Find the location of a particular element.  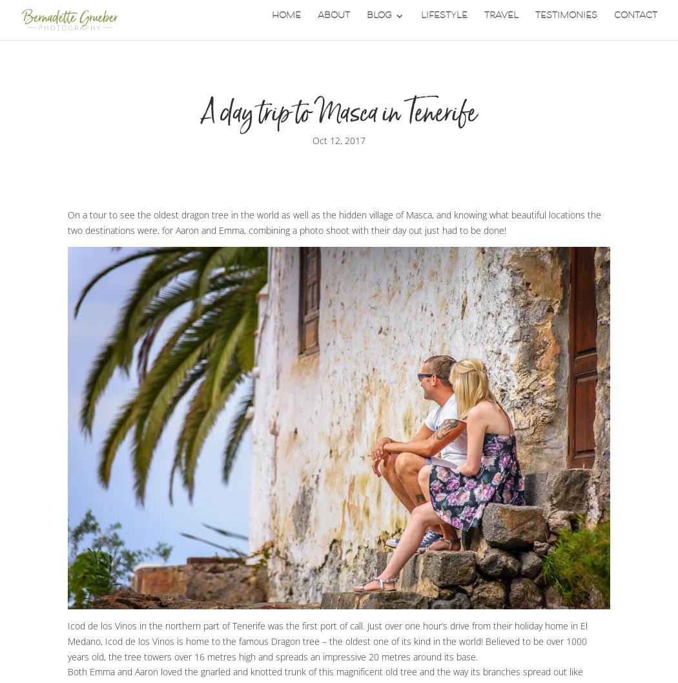

'Icod de los Vinos in the northern part of Tenerife was the first port of call. Just over one hour’s drive from their holiday home in El Medano, Icod de los Vinos is home to the famous Dragon tree – the oldest one of its kind in the world! Believed to be over 1000 years old, the tree towers over 16 metres high and spreads an impressive 20 metres around its base.' is located at coordinates (327, 640).